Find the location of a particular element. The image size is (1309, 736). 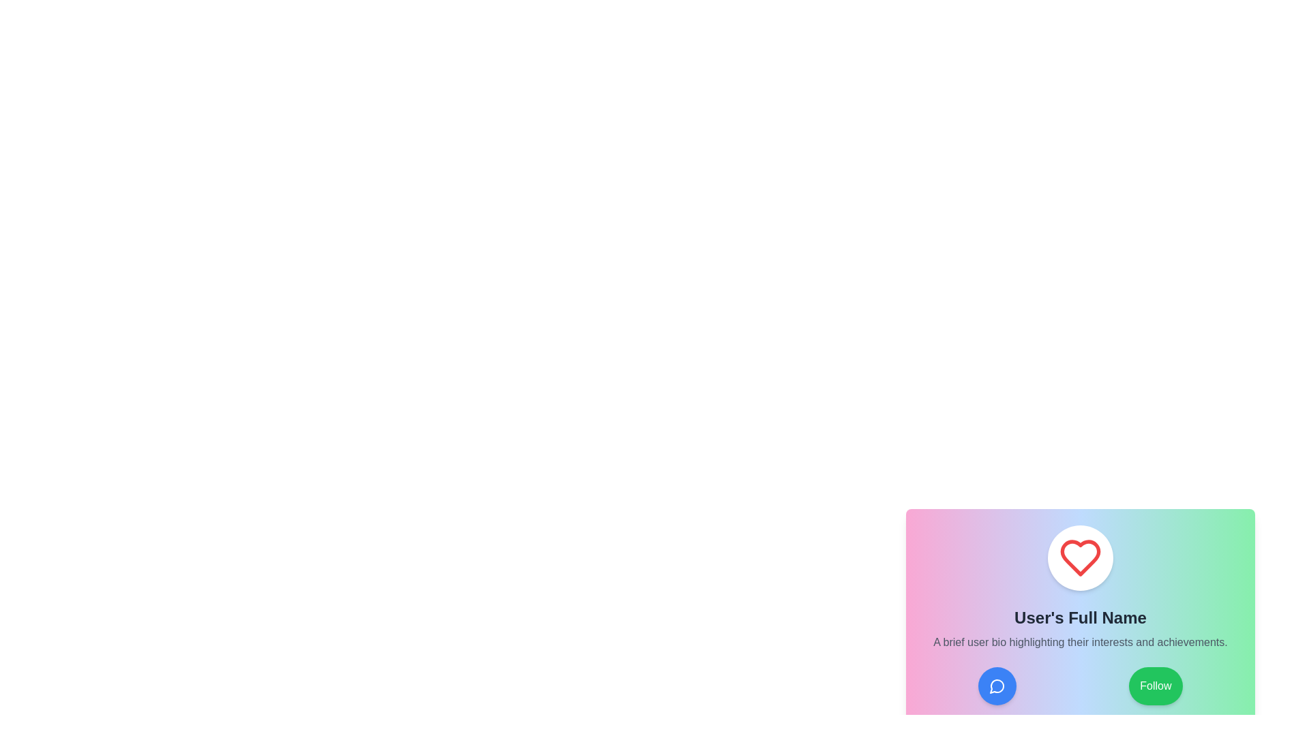

the messaging icon located at the bottom left corner of the user card, which is represented by a rounded blue background circle is located at coordinates (997, 686).